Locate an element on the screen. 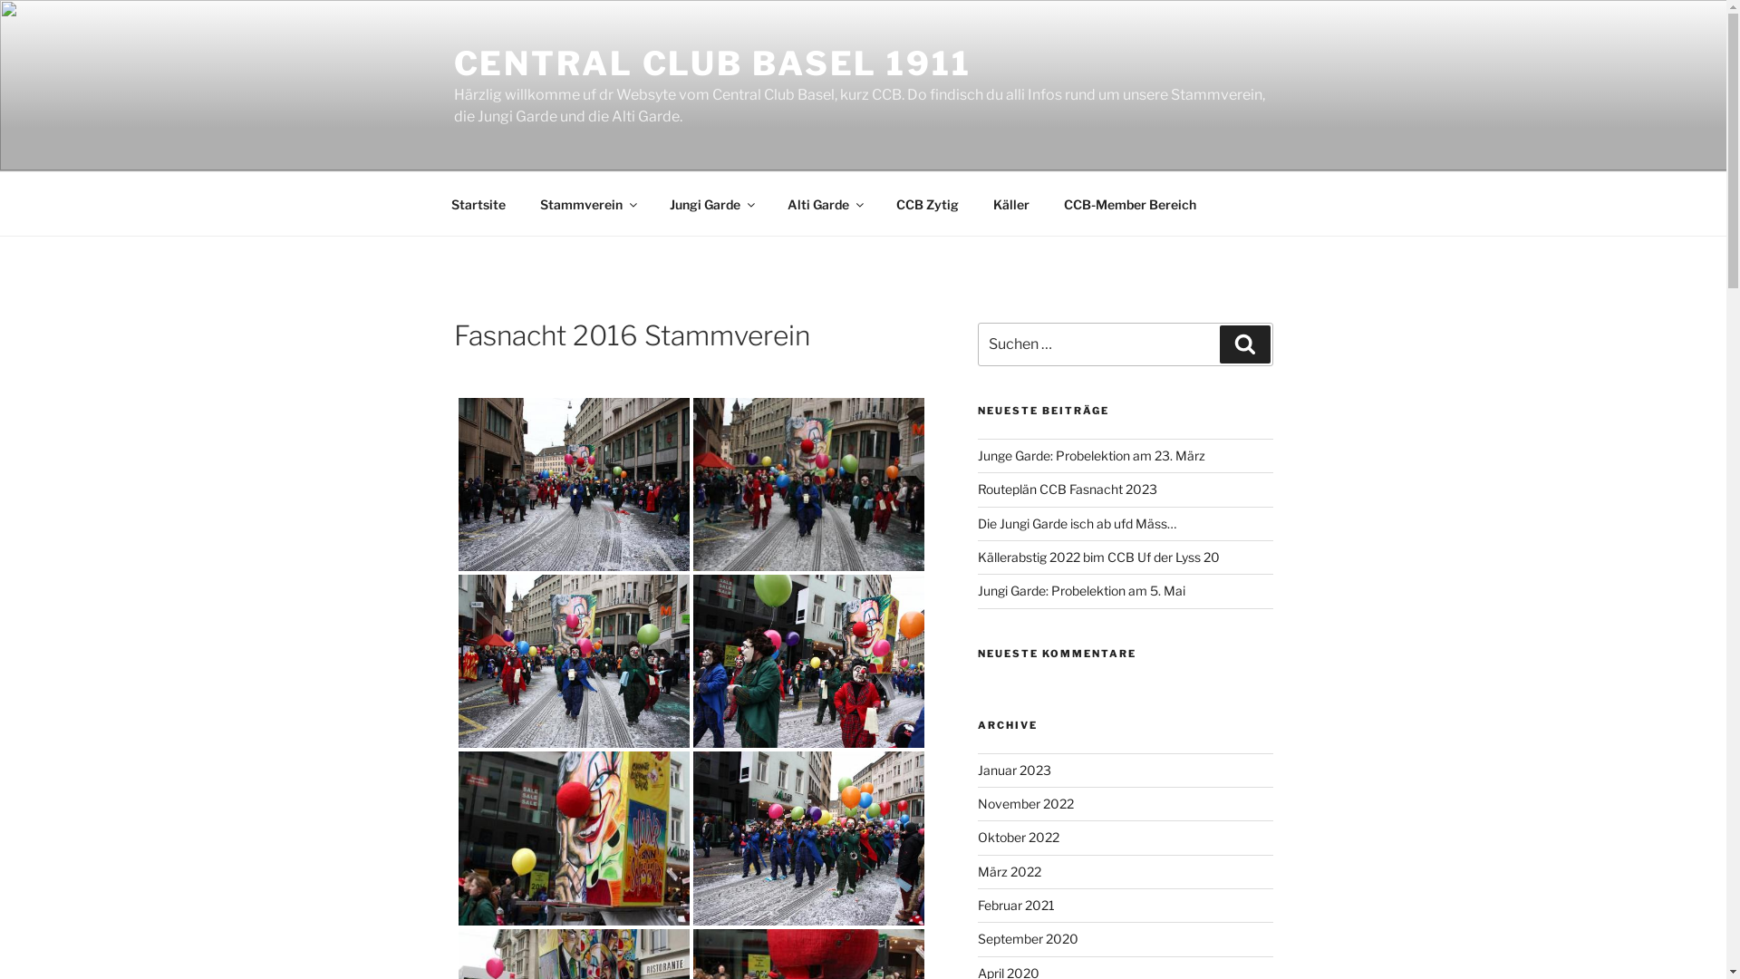  'Alti Garde' is located at coordinates (824, 203).